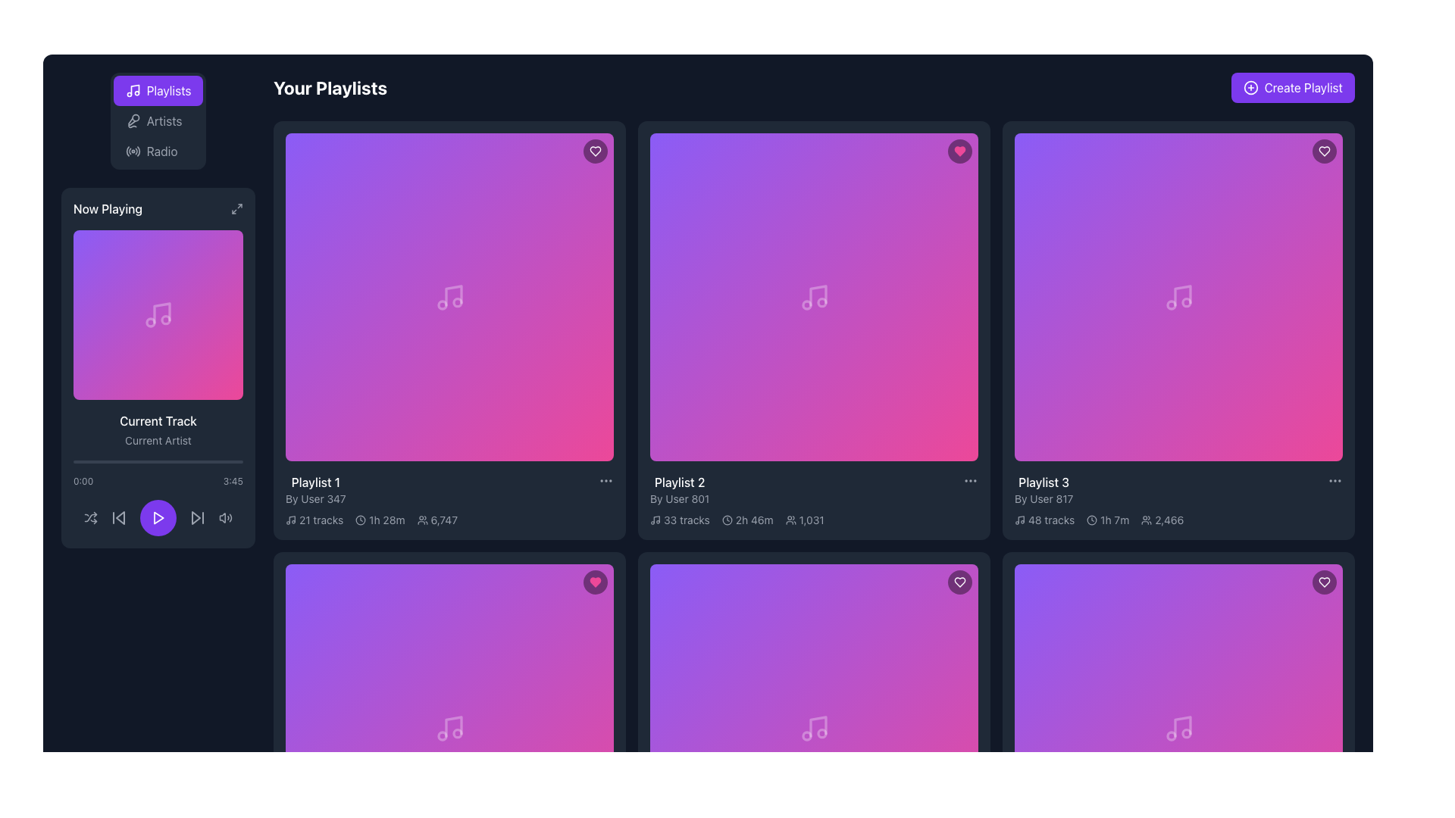 The image size is (1455, 818). What do you see at coordinates (1043, 499) in the screenshot?
I see `the gray text label displaying 'By User 817', which is positioned below the 'Playlist 3' title in the playlist grid` at bounding box center [1043, 499].